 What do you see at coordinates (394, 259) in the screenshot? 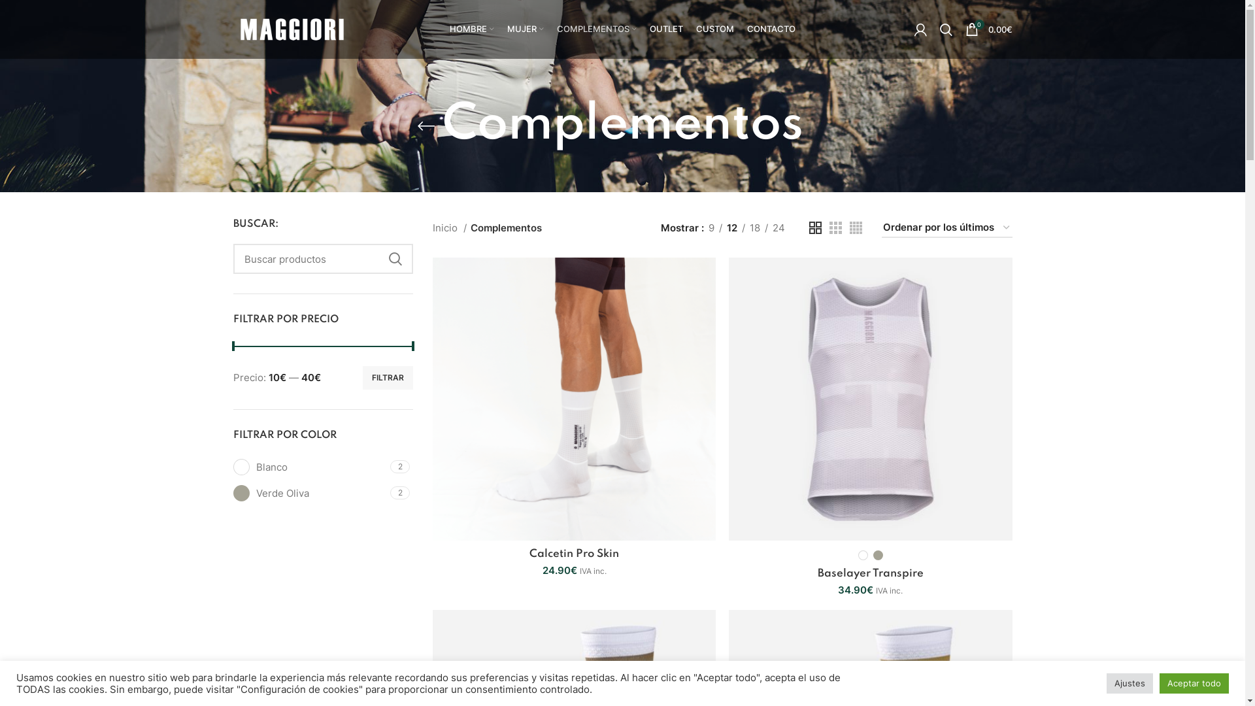
I see `'BUSCAR'` at bounding box center [394, 259].